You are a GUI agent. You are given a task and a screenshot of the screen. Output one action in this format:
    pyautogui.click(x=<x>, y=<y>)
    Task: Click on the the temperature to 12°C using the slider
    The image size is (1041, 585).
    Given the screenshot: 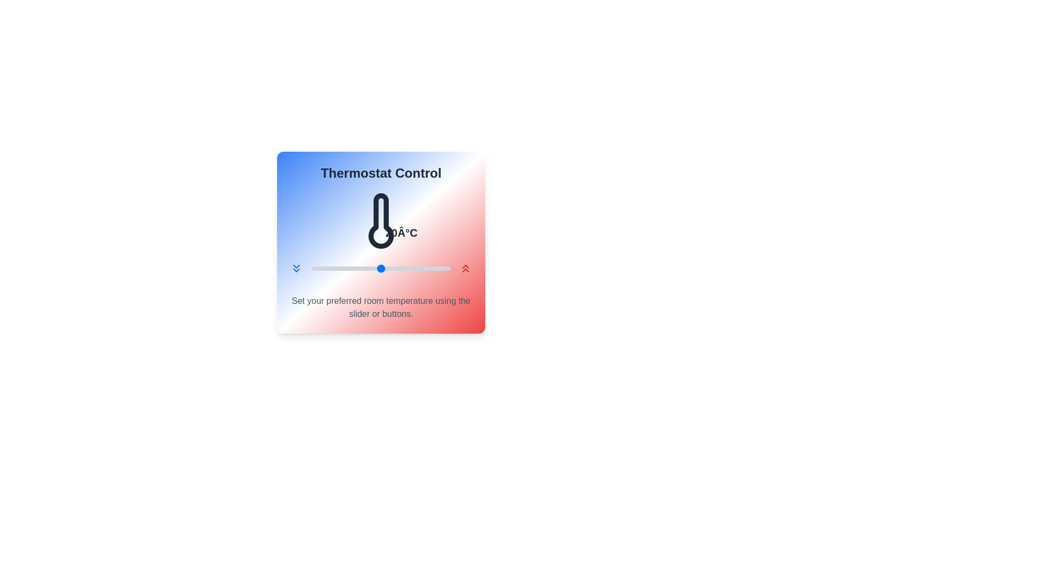 What is the action you would take?
    pyautogui.click(x=325, y=268)
    